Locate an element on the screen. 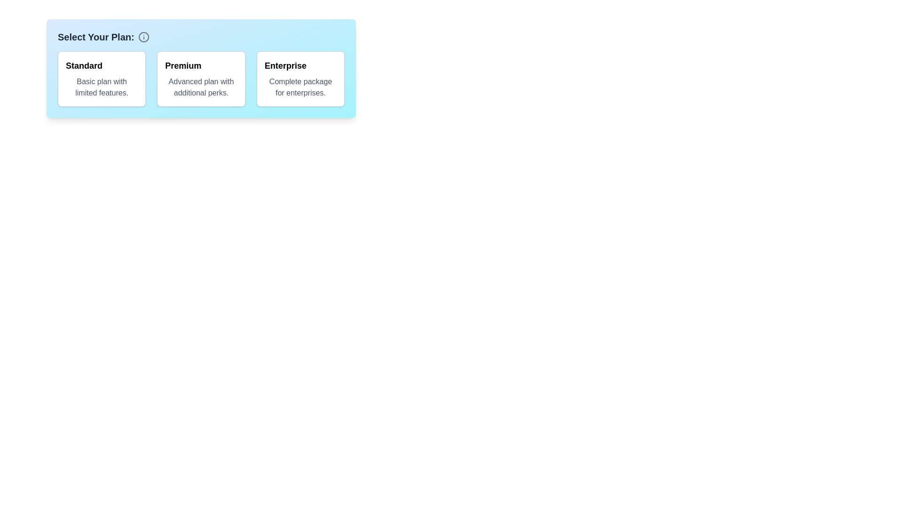  the bold text label displaying 'Premium' located at the upper center of the second card in a horizontal arrangement of three cards is located at coordinates (183, 65).